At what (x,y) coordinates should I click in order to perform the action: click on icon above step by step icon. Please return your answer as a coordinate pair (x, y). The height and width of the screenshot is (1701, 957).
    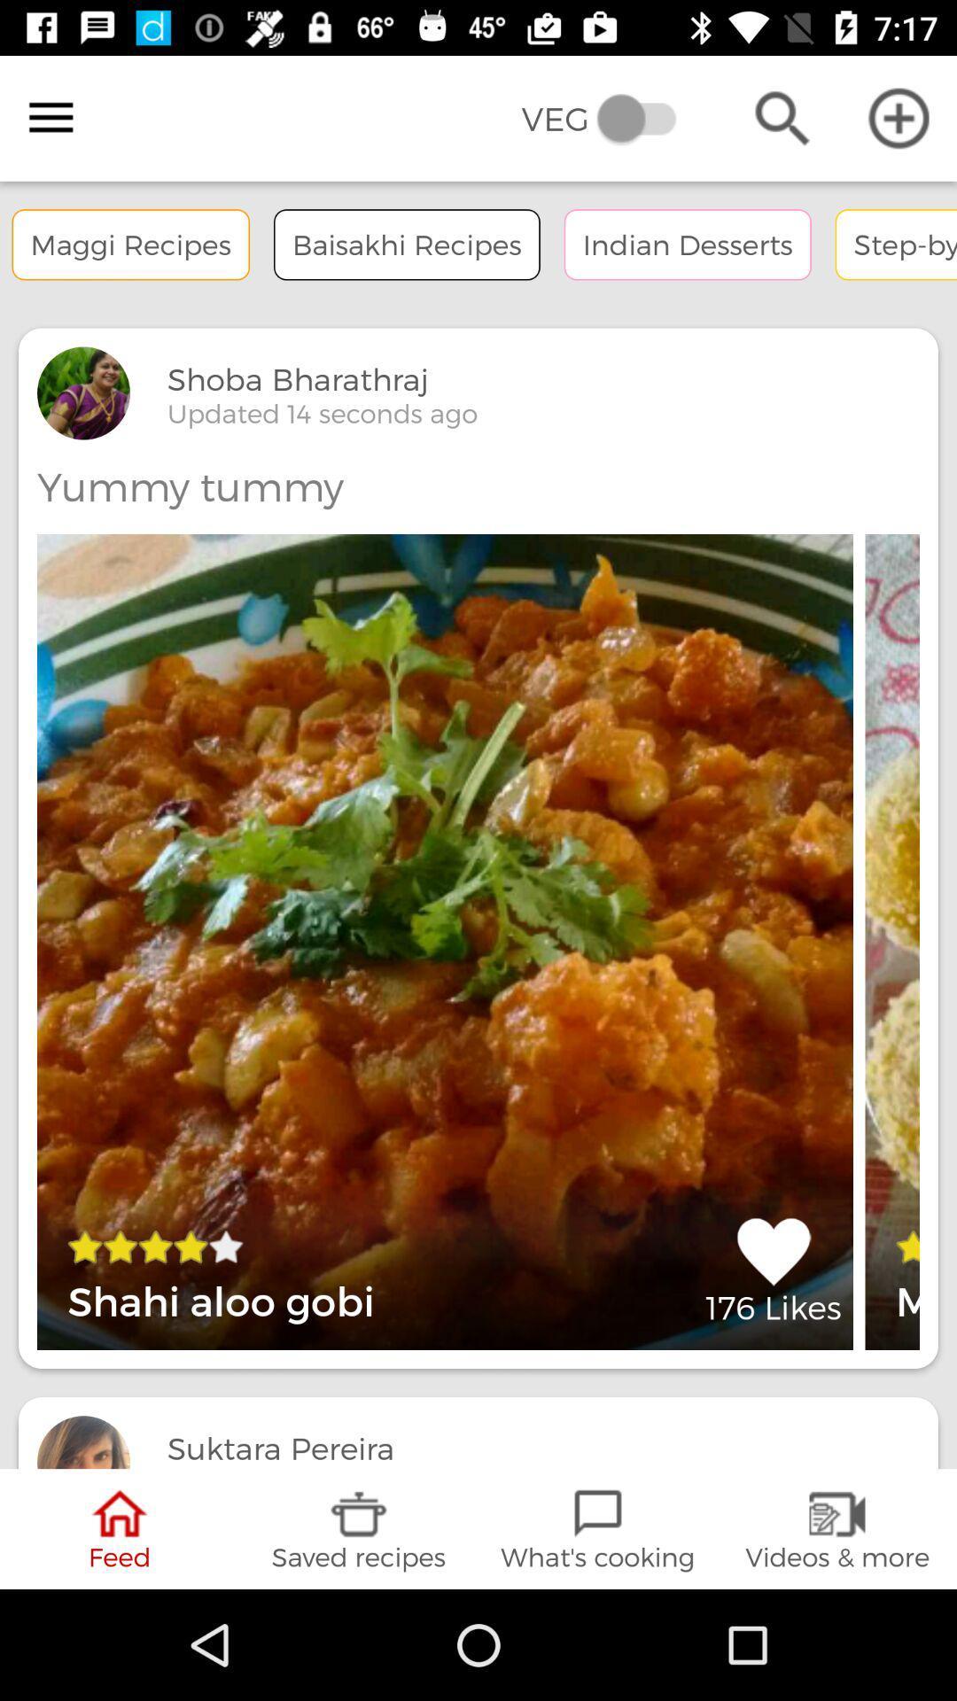
    Looking at the image, I should click on (899, 117).